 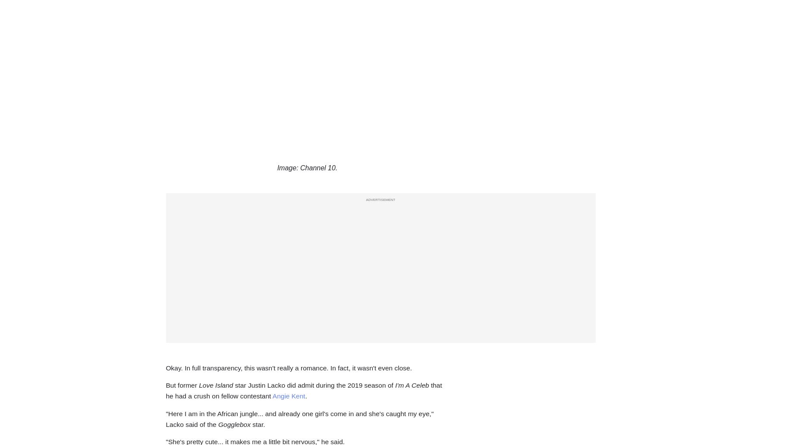 I want to click on 'Angie Kent', so click(x=288, y=395).